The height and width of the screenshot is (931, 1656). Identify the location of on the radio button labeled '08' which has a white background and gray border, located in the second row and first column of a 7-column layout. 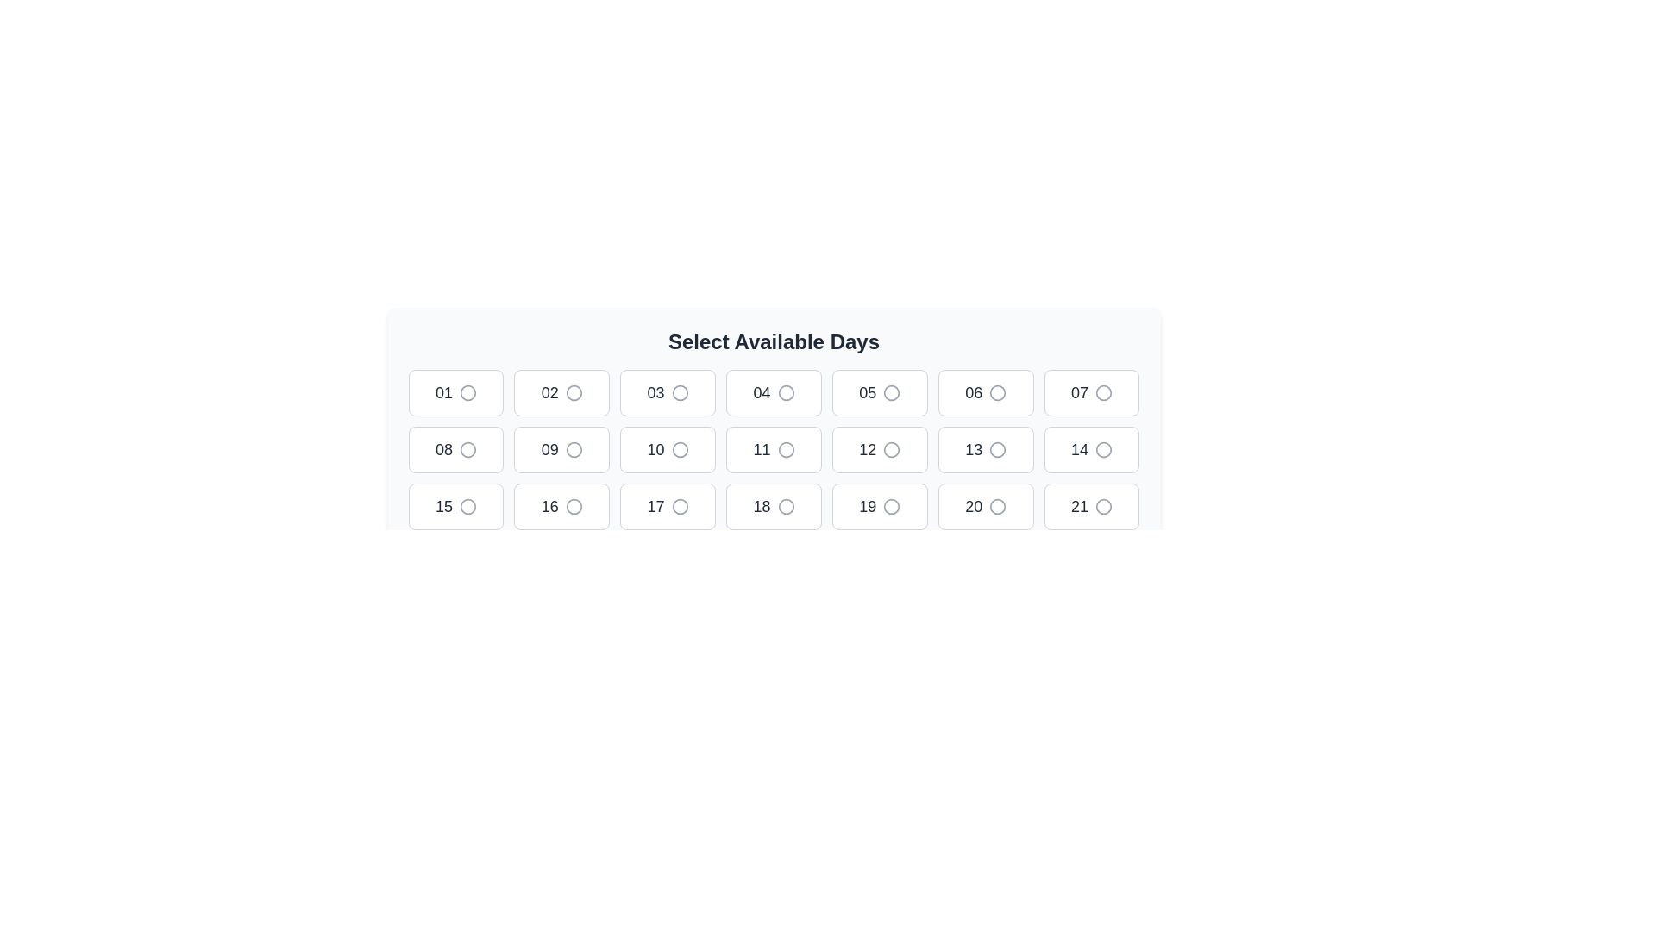
(455, 448).